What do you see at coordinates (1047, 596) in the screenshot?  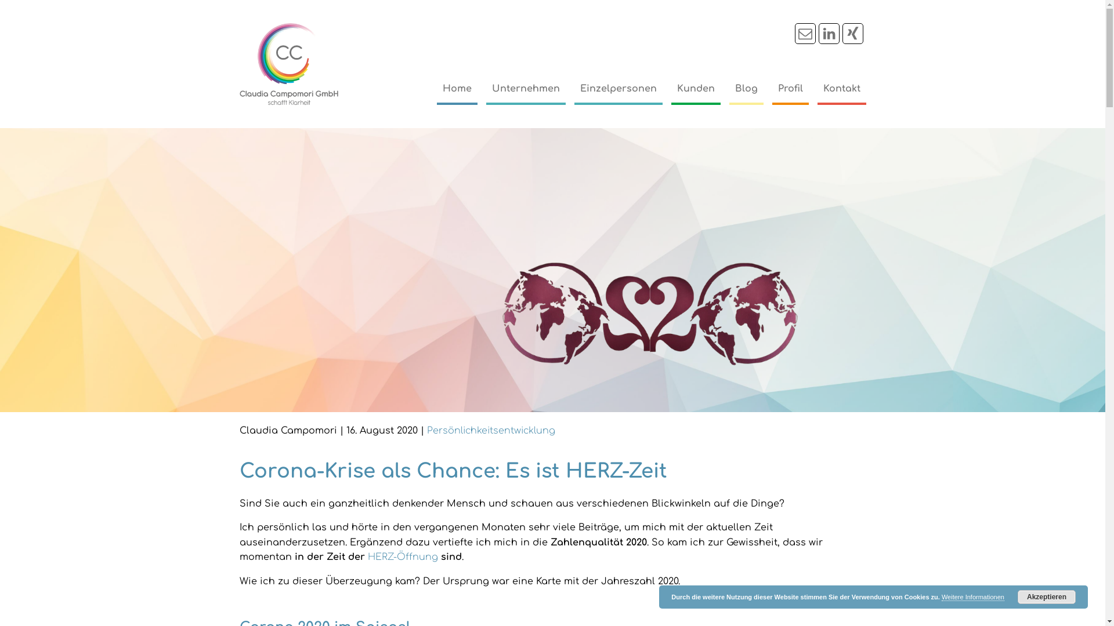 I see `'Akzeptieren'` at bounding box center [1047, 596].